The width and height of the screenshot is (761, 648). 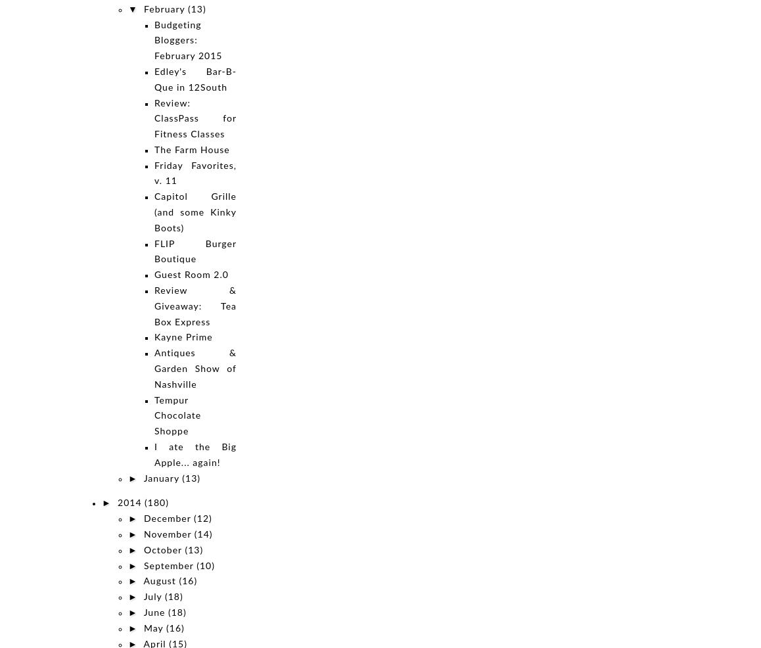 I want to click on 'October', so click(x=164, y=549).